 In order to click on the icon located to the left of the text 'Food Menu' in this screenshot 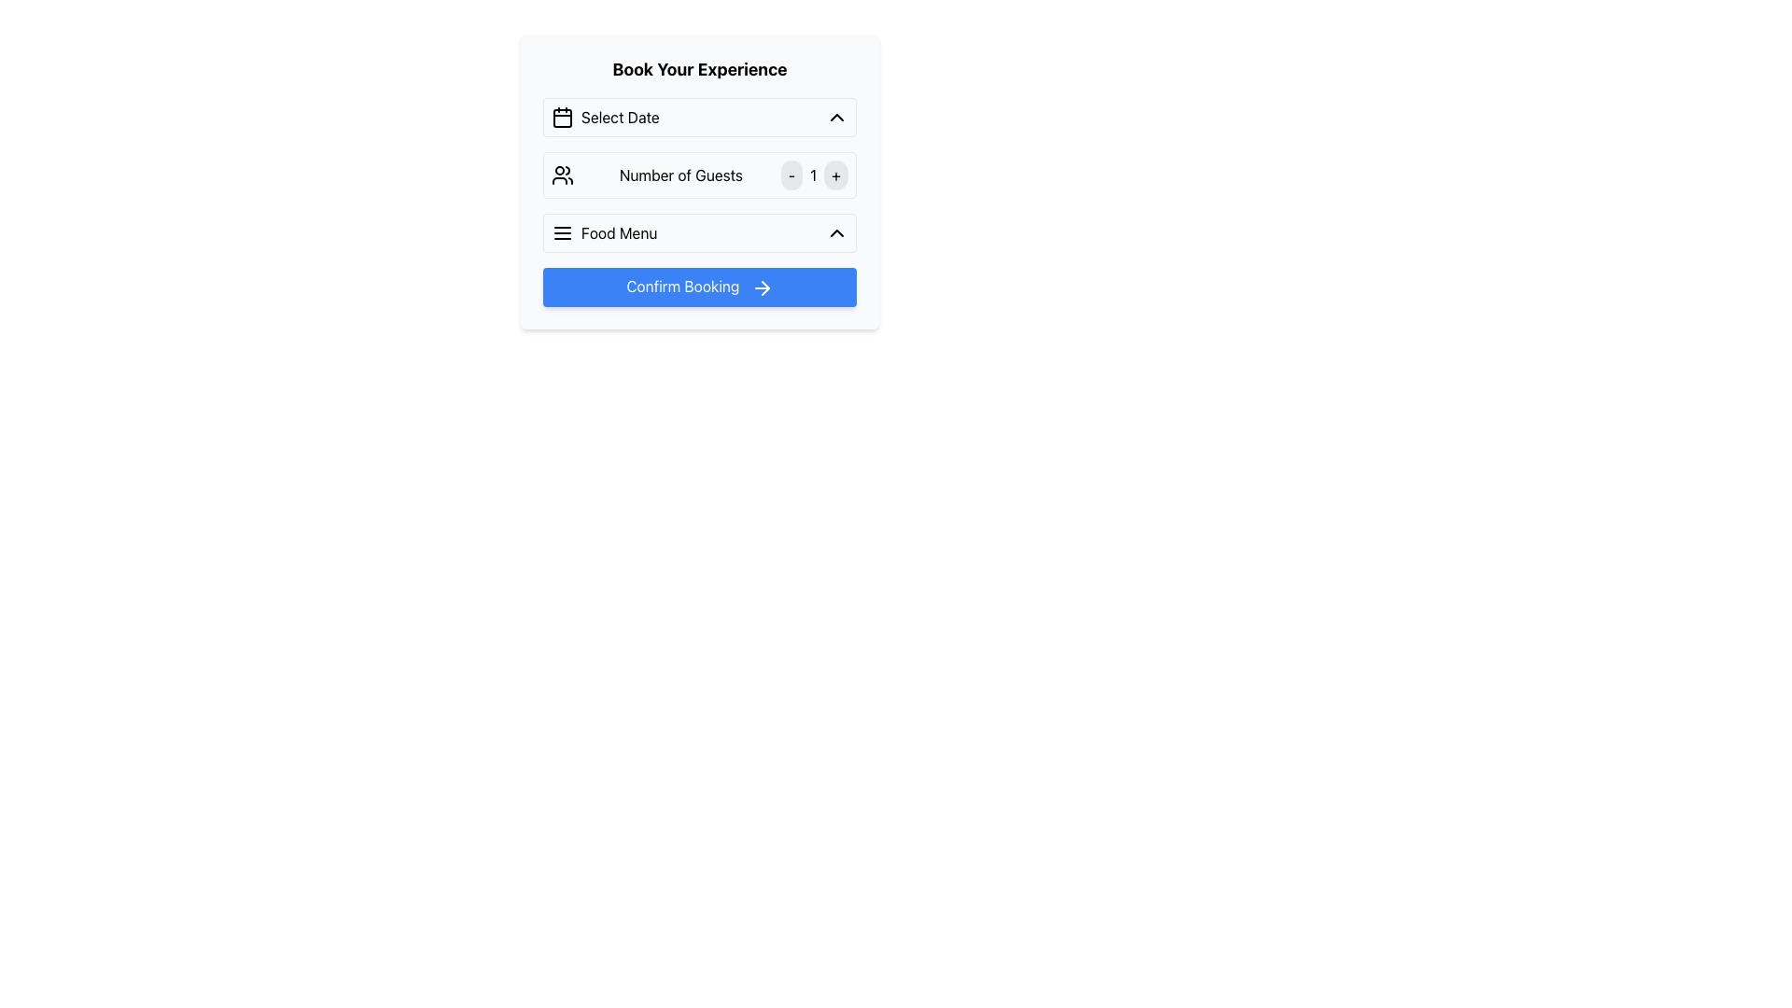, I will do `click(562, 232)`.